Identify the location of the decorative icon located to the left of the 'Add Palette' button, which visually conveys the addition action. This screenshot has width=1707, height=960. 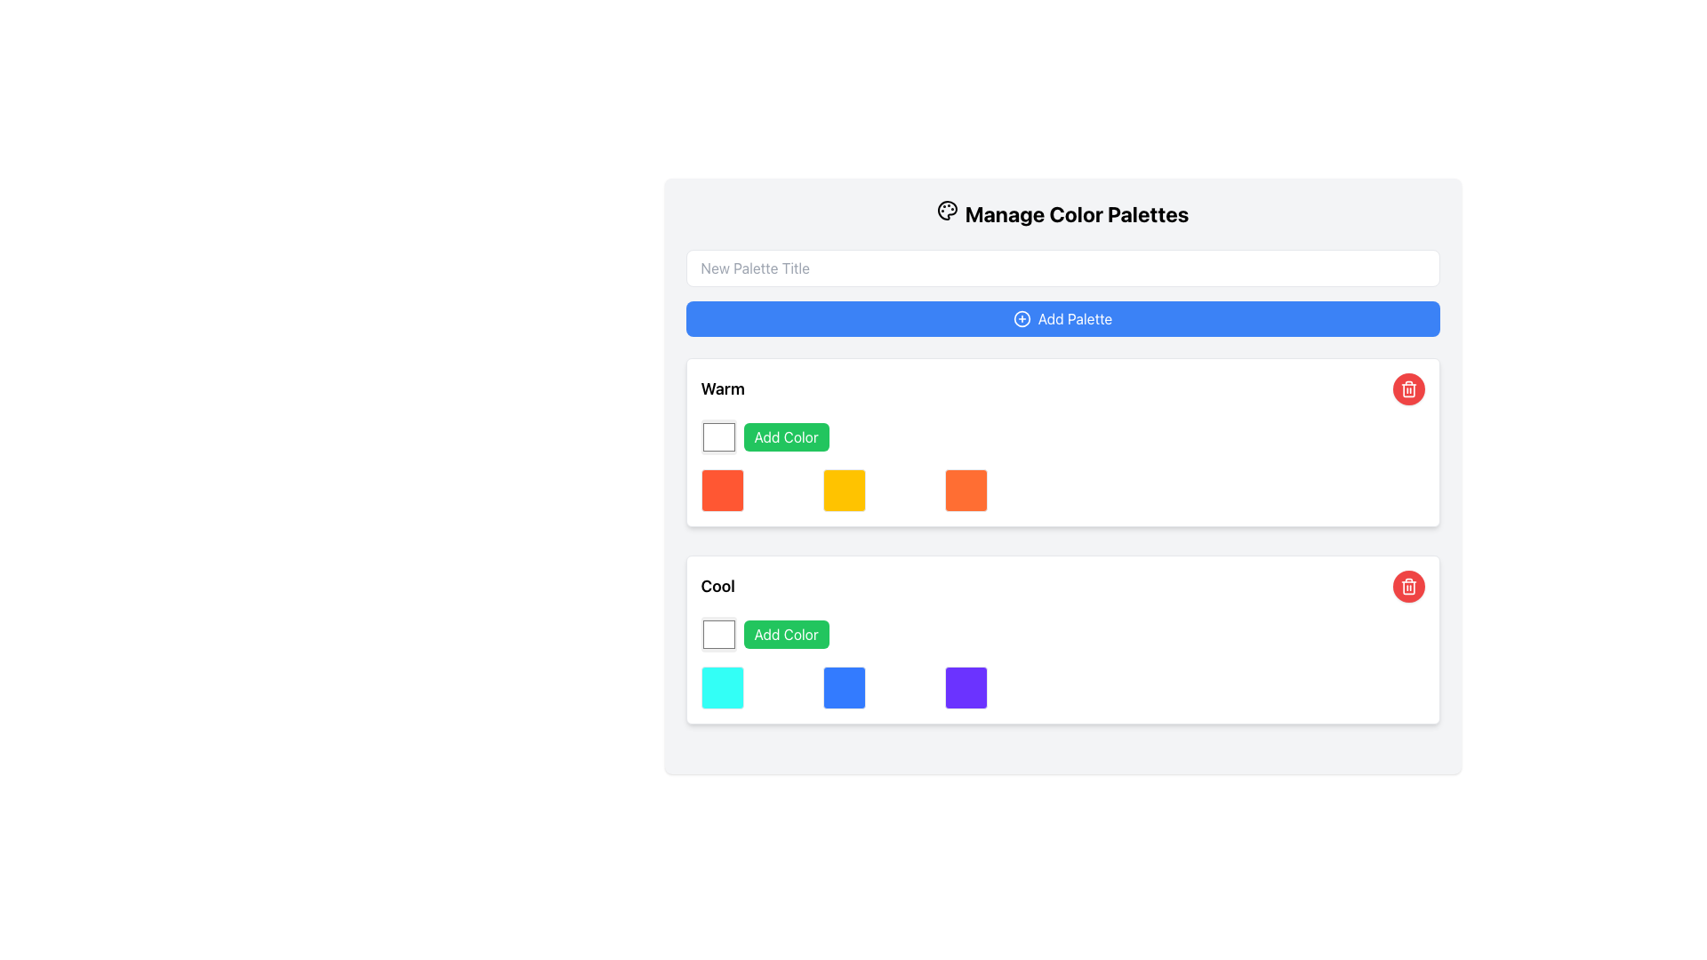
(1022, 317).